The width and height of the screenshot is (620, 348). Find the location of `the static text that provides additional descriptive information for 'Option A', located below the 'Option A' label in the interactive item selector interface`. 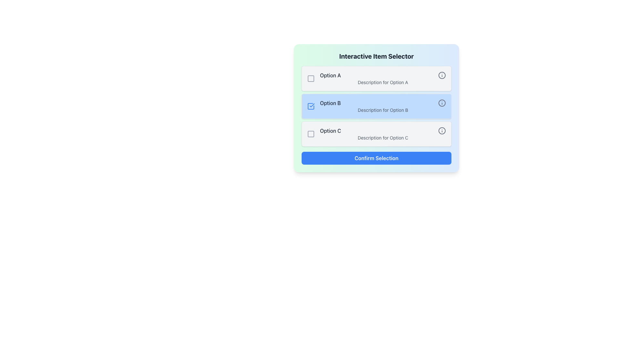

the static text that provides additional descriptive information for 'Option A', located below the 'Option A' label in the interactive item selector interface is located at coordinates (383, 82).